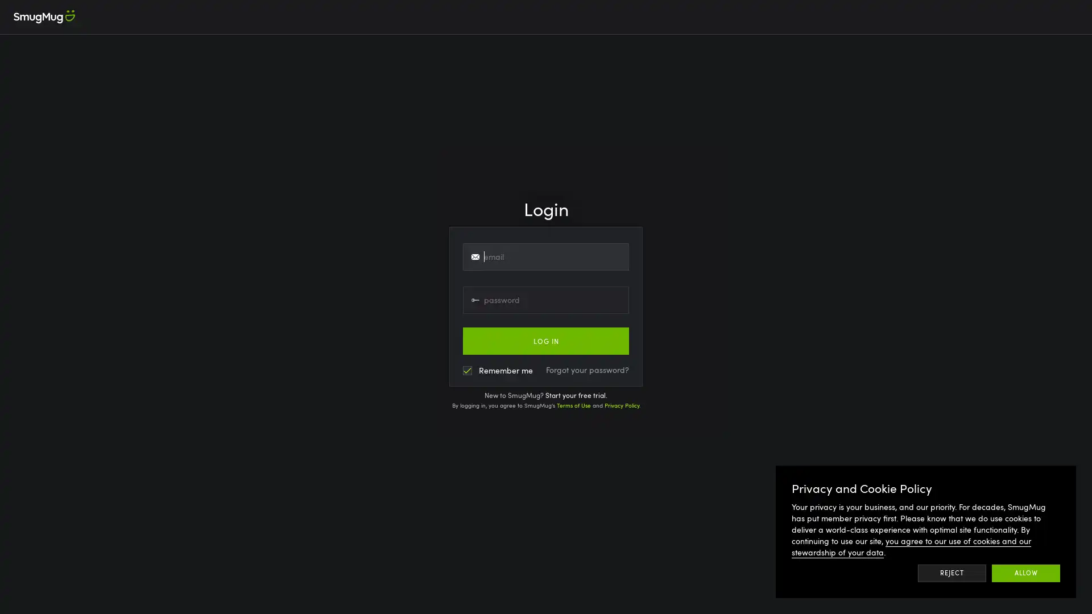  What do you see at coordinates (1026, 572) in the screenshot?
I see `ALLOW` at bounding box center [1026, 572].